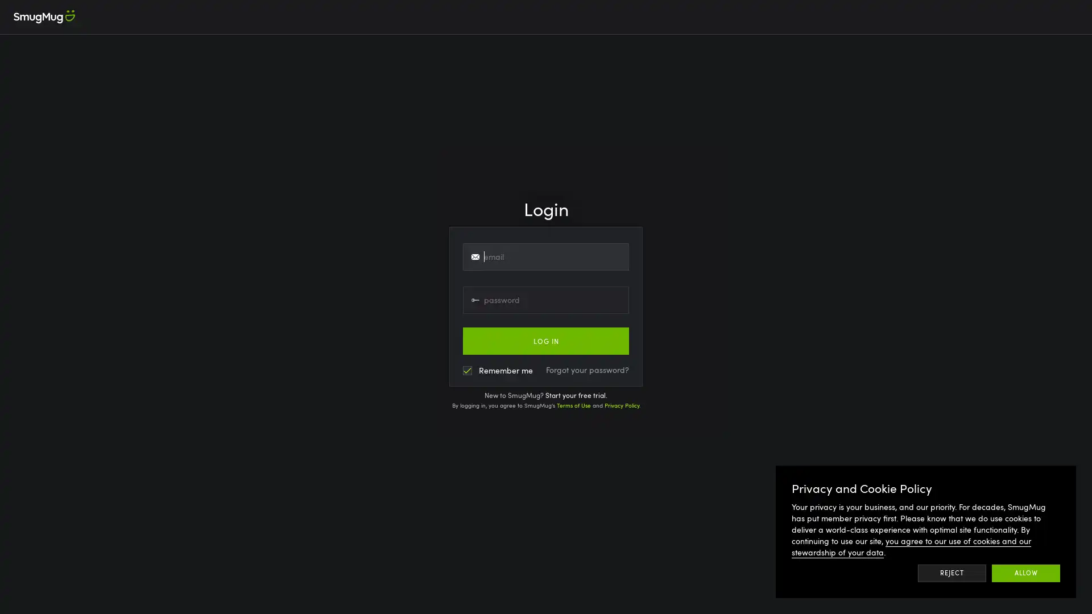  What do you see at coordinates (1026, 572) in the screenshot?
I see `ALLOW` at bounding box center [1026, 572].